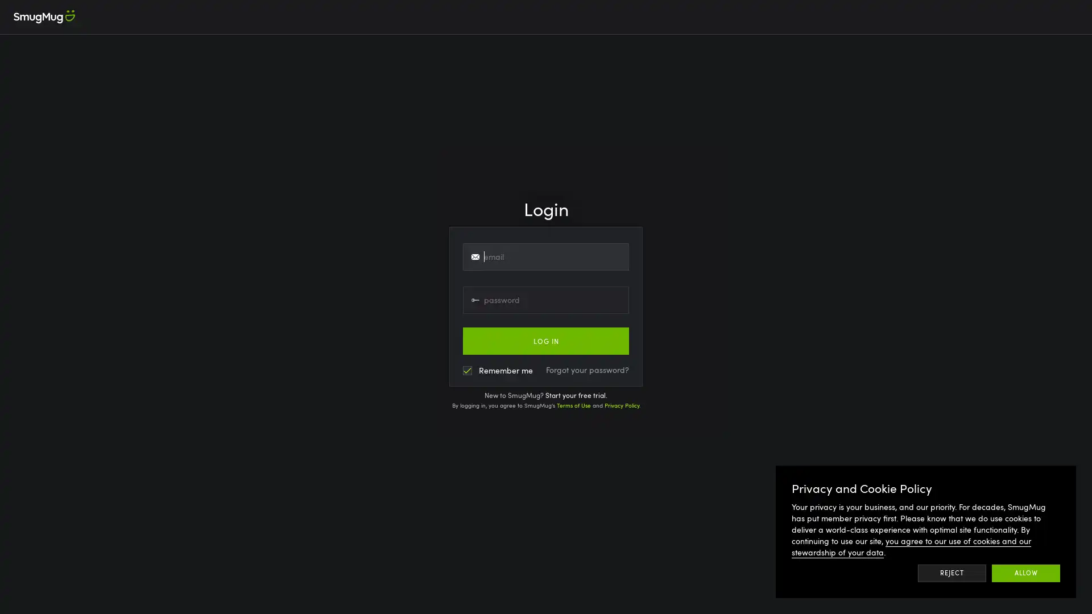  What do you see at coordinates (1026, 572) in the screenshot?
I see `ALLOW` at bounding box center [1026, 572].